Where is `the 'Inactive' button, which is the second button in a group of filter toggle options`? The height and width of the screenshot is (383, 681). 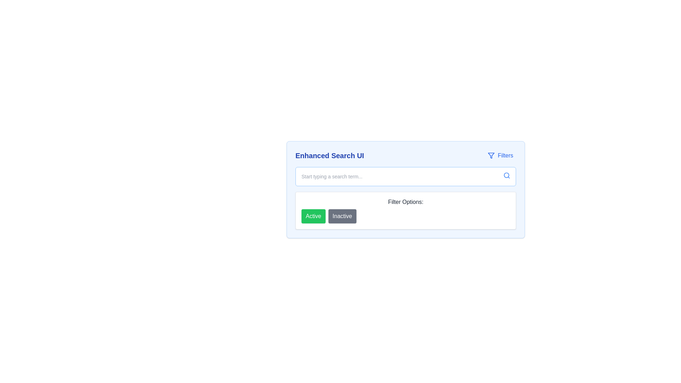
the 'Inactive' button, which is the second button in a group of filter toggle options is located at coordinates (342, 216).